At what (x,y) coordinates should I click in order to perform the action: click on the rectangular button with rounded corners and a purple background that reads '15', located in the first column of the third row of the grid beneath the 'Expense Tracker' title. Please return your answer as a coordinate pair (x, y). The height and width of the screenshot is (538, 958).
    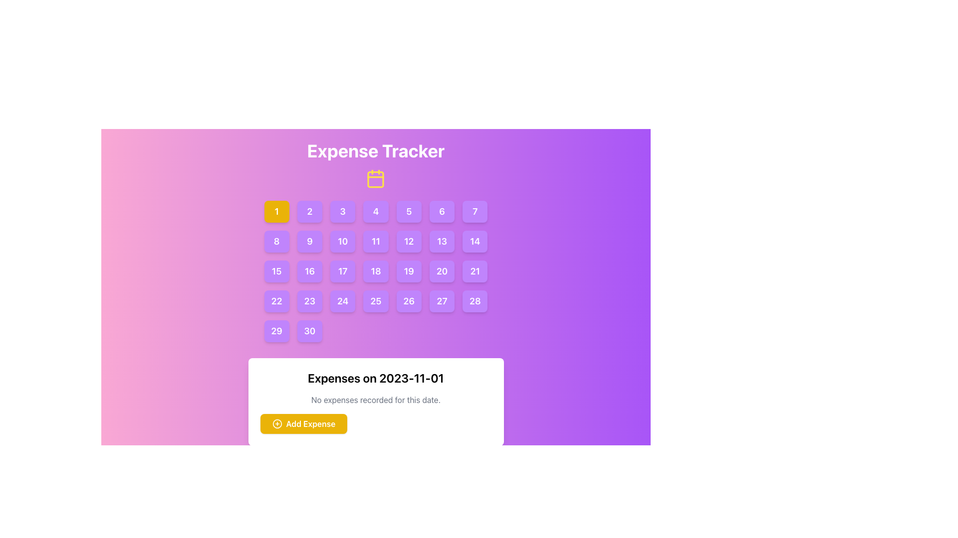
    Looking at the image, I should click on (276, 271).